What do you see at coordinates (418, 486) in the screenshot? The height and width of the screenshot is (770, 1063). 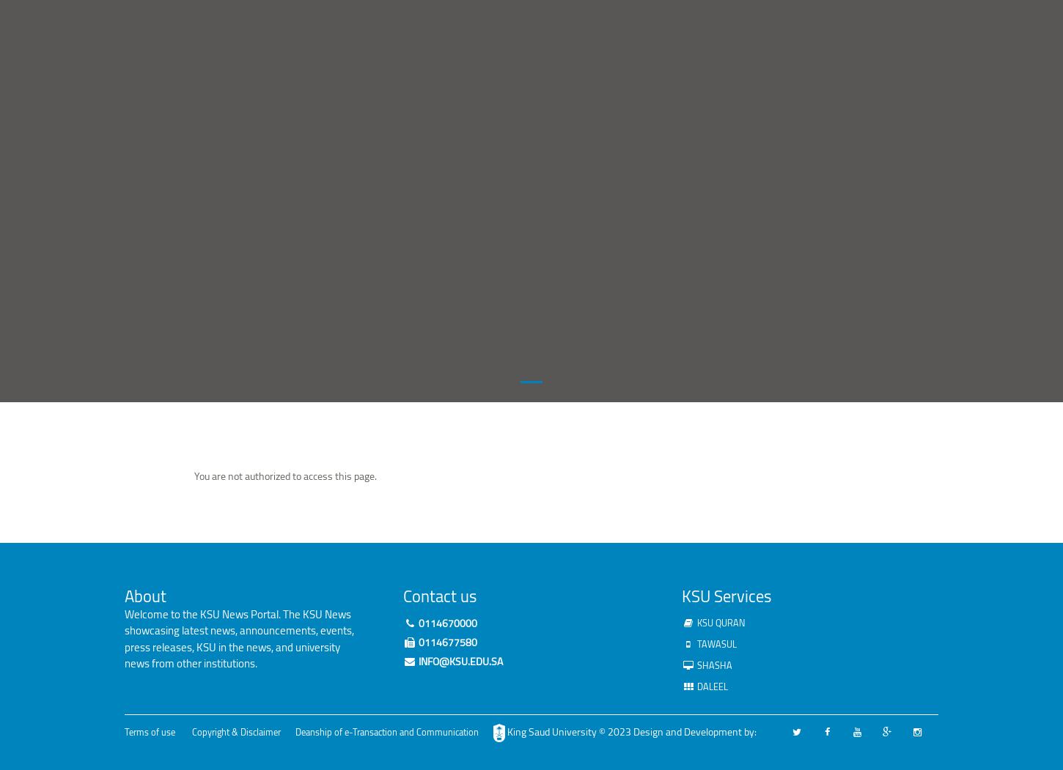 I see `'Attracting Outstanding Faculty & Researchers'` at bounding box center [418, 486].